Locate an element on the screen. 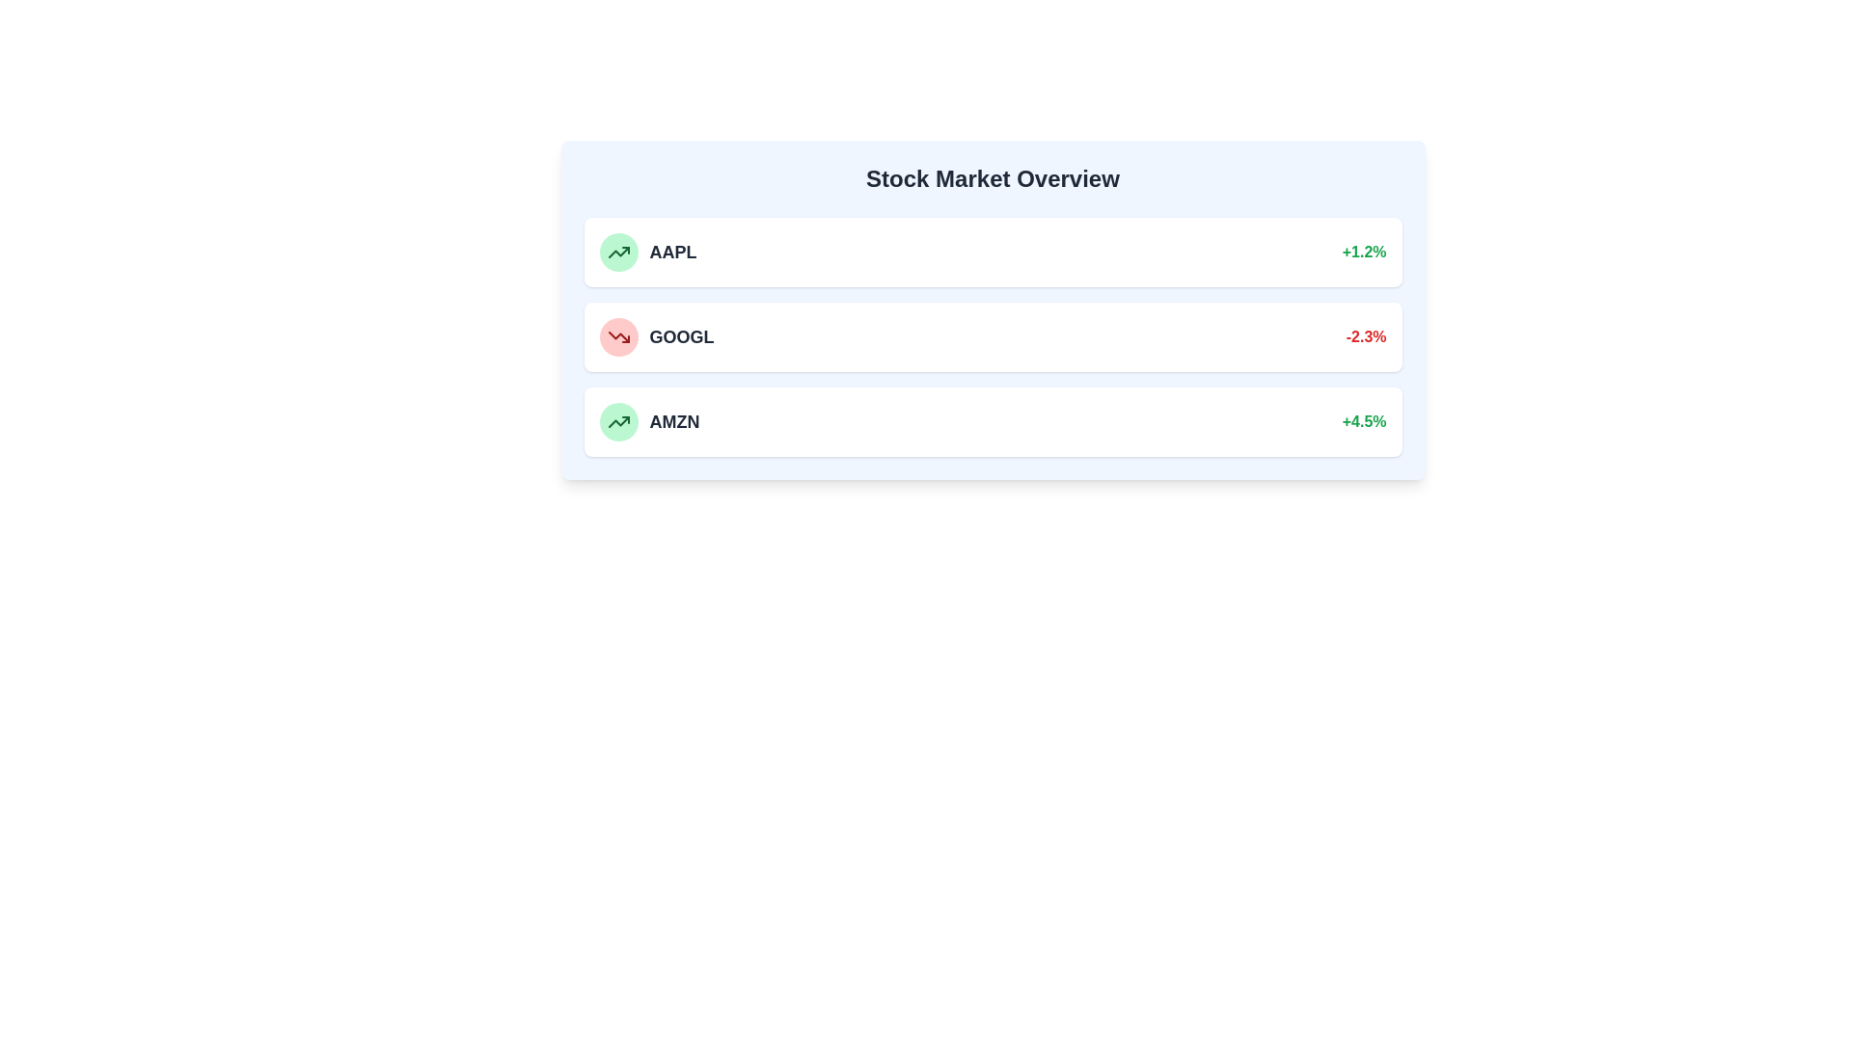 The height and width of the screenshot is (1041, 1852). the stock entry for GOOGL to view its details is located at coordinates (993, 336).